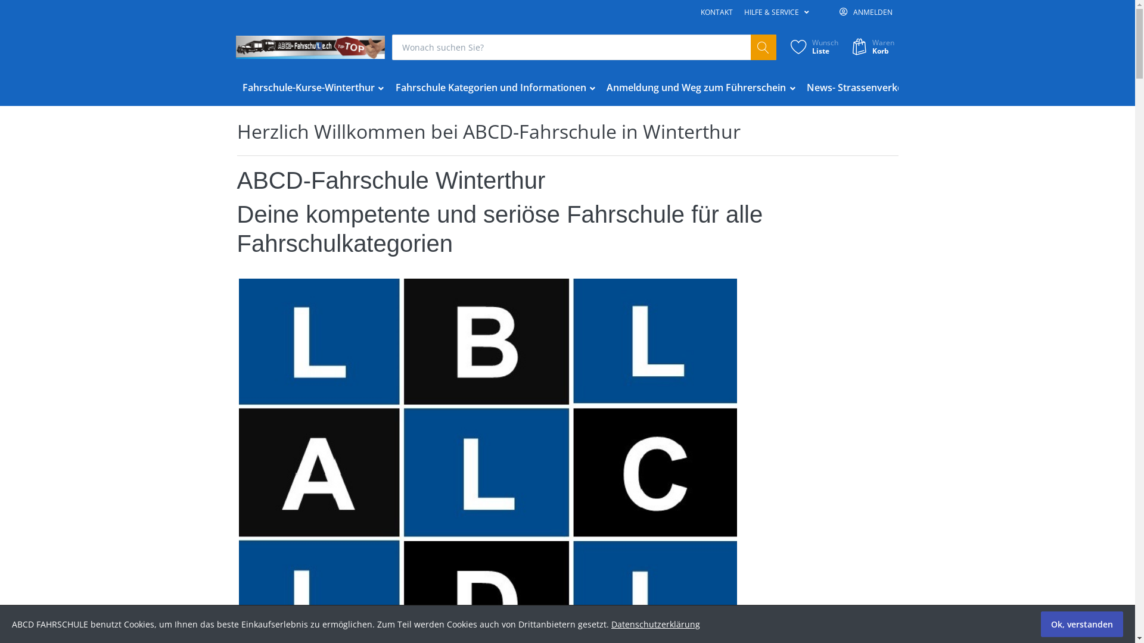 This screenshot has width=1144, height=643. What do you see at coordinates (310, 46) in the screenshot?
I see `'ABCD FAHRSCHULE'` at bounding box center [310, 46].